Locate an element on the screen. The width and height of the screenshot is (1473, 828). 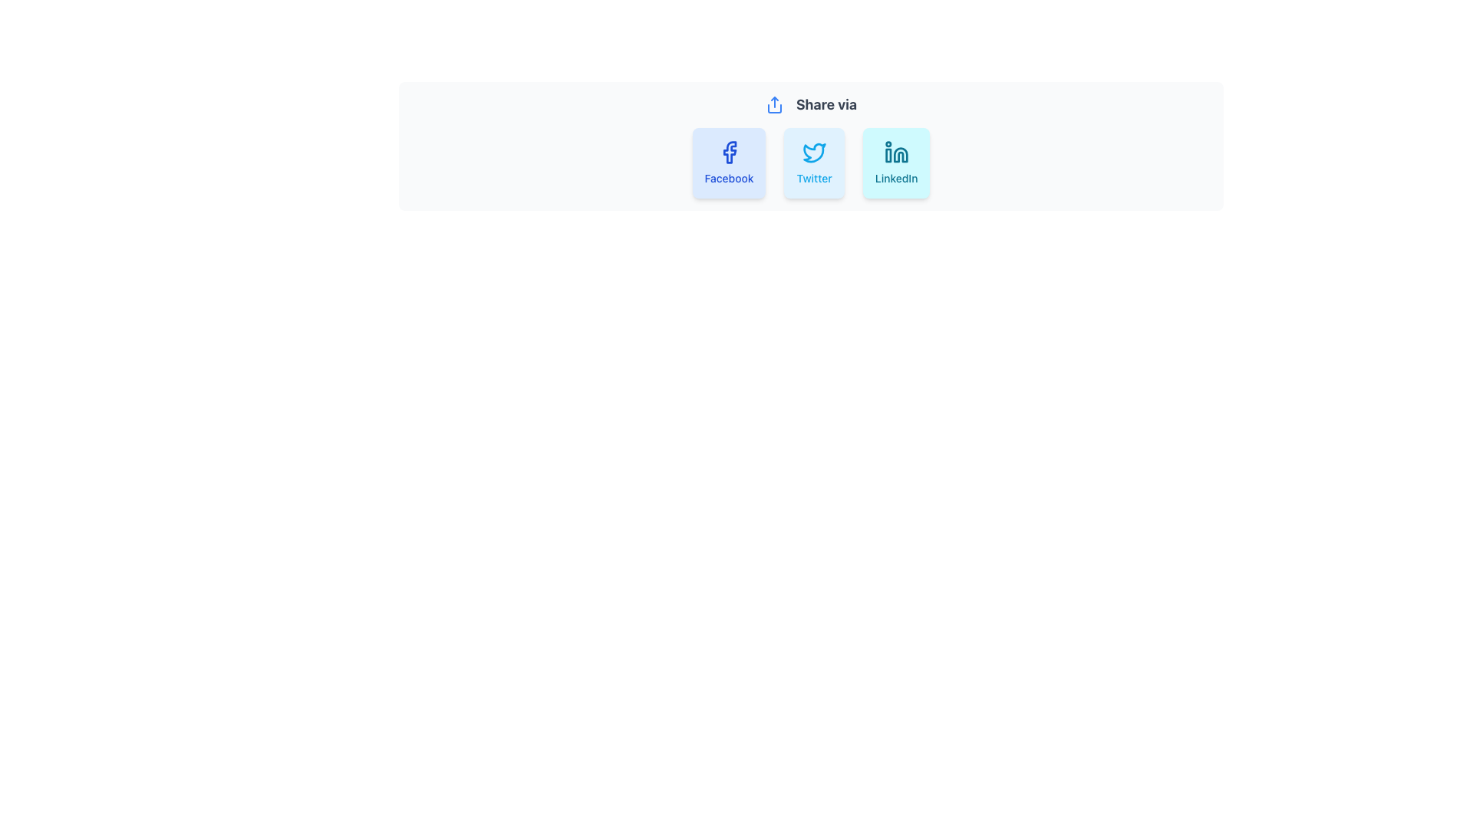
the light blue rectangular button with rounded corners that contains the Facebook logo and the text 'Facebook' is located at coordinates (728, 163).